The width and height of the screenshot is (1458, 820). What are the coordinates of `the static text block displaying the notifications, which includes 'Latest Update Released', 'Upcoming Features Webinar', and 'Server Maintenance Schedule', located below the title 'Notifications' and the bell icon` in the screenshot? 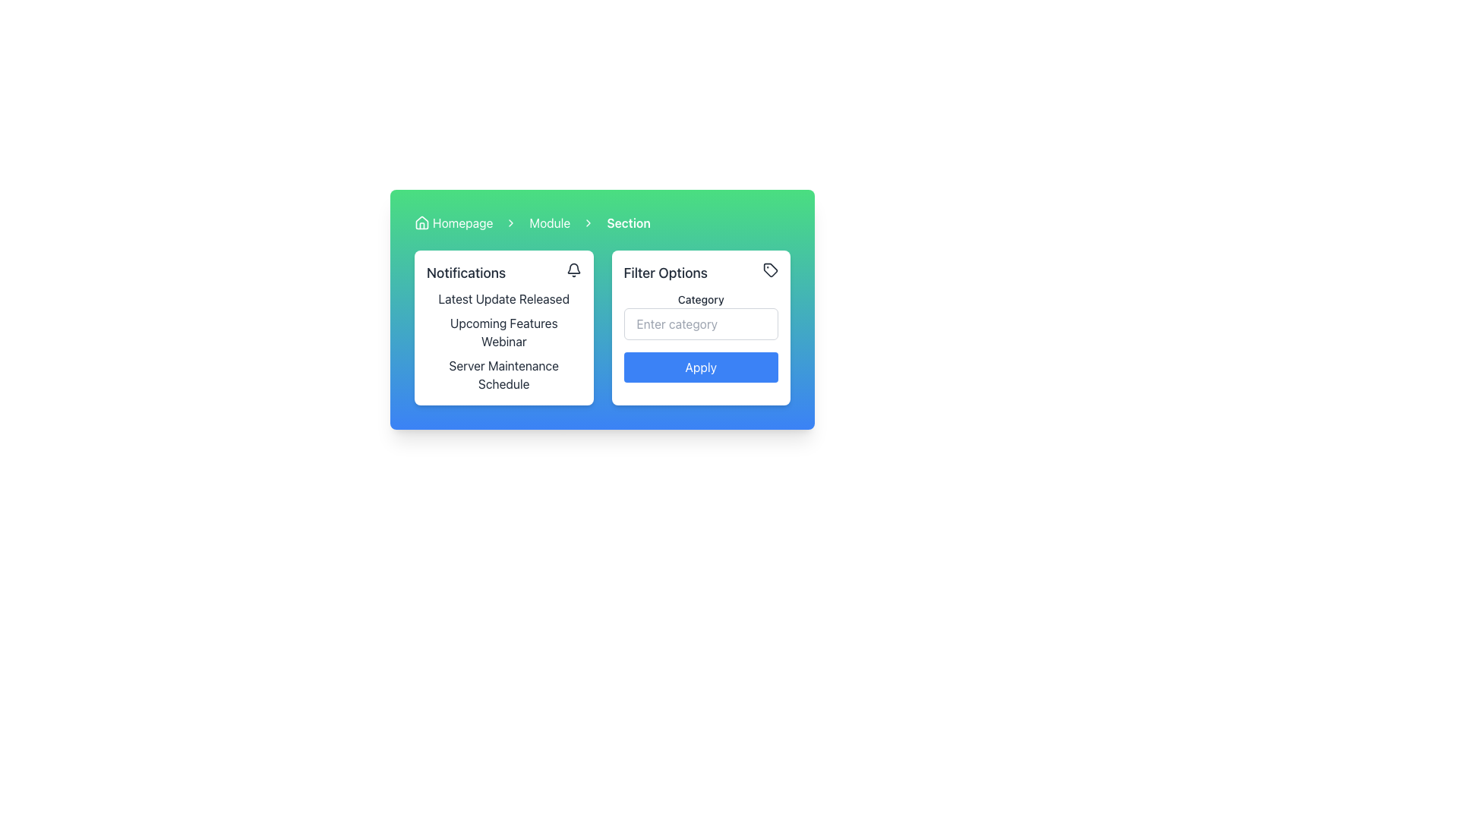 It's located at (503, 342).